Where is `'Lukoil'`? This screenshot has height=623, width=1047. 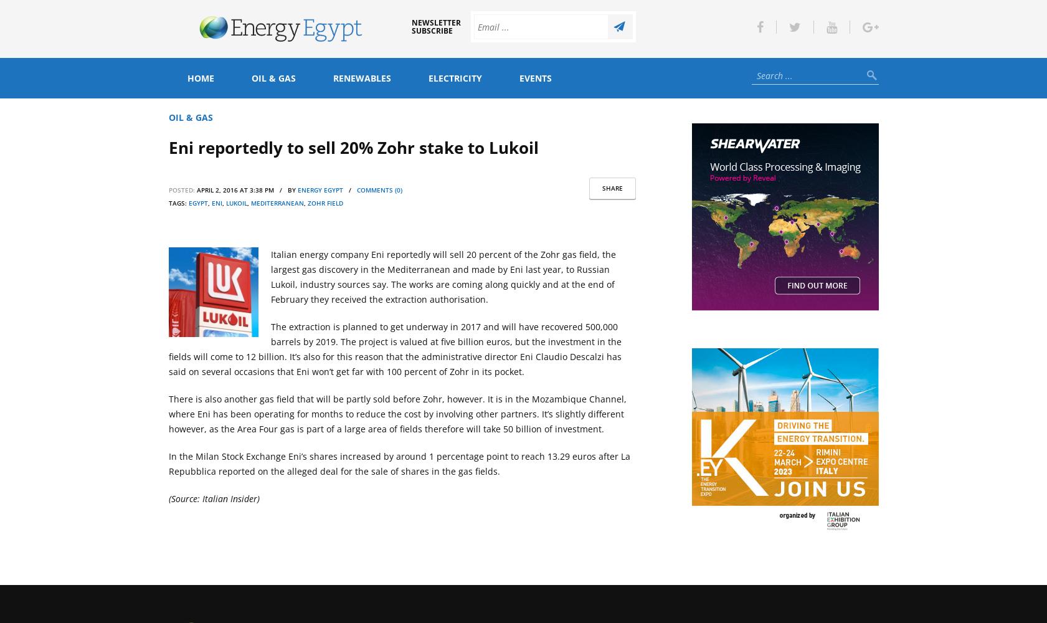
'Lukoil' is located at coordinates (235, 202).